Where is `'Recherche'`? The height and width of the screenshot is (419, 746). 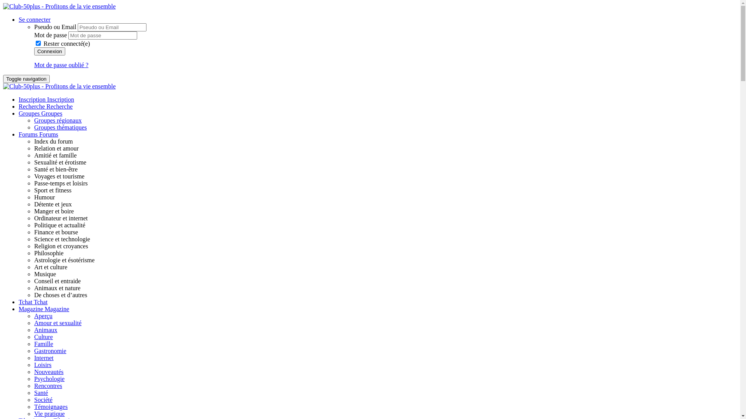
'Recherche' is located at coordinates (59, 106).